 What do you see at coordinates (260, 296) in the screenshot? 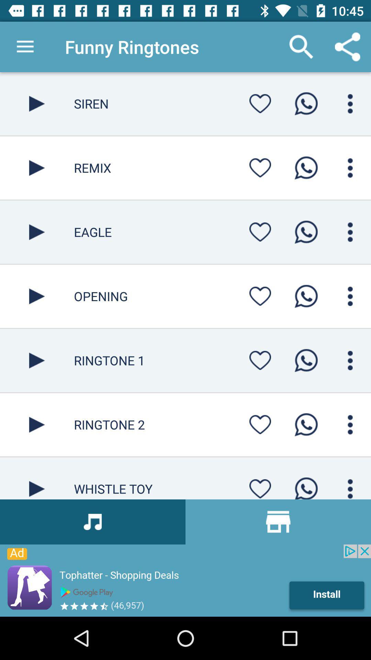
I see `like button` at bounding box center [260, 296].